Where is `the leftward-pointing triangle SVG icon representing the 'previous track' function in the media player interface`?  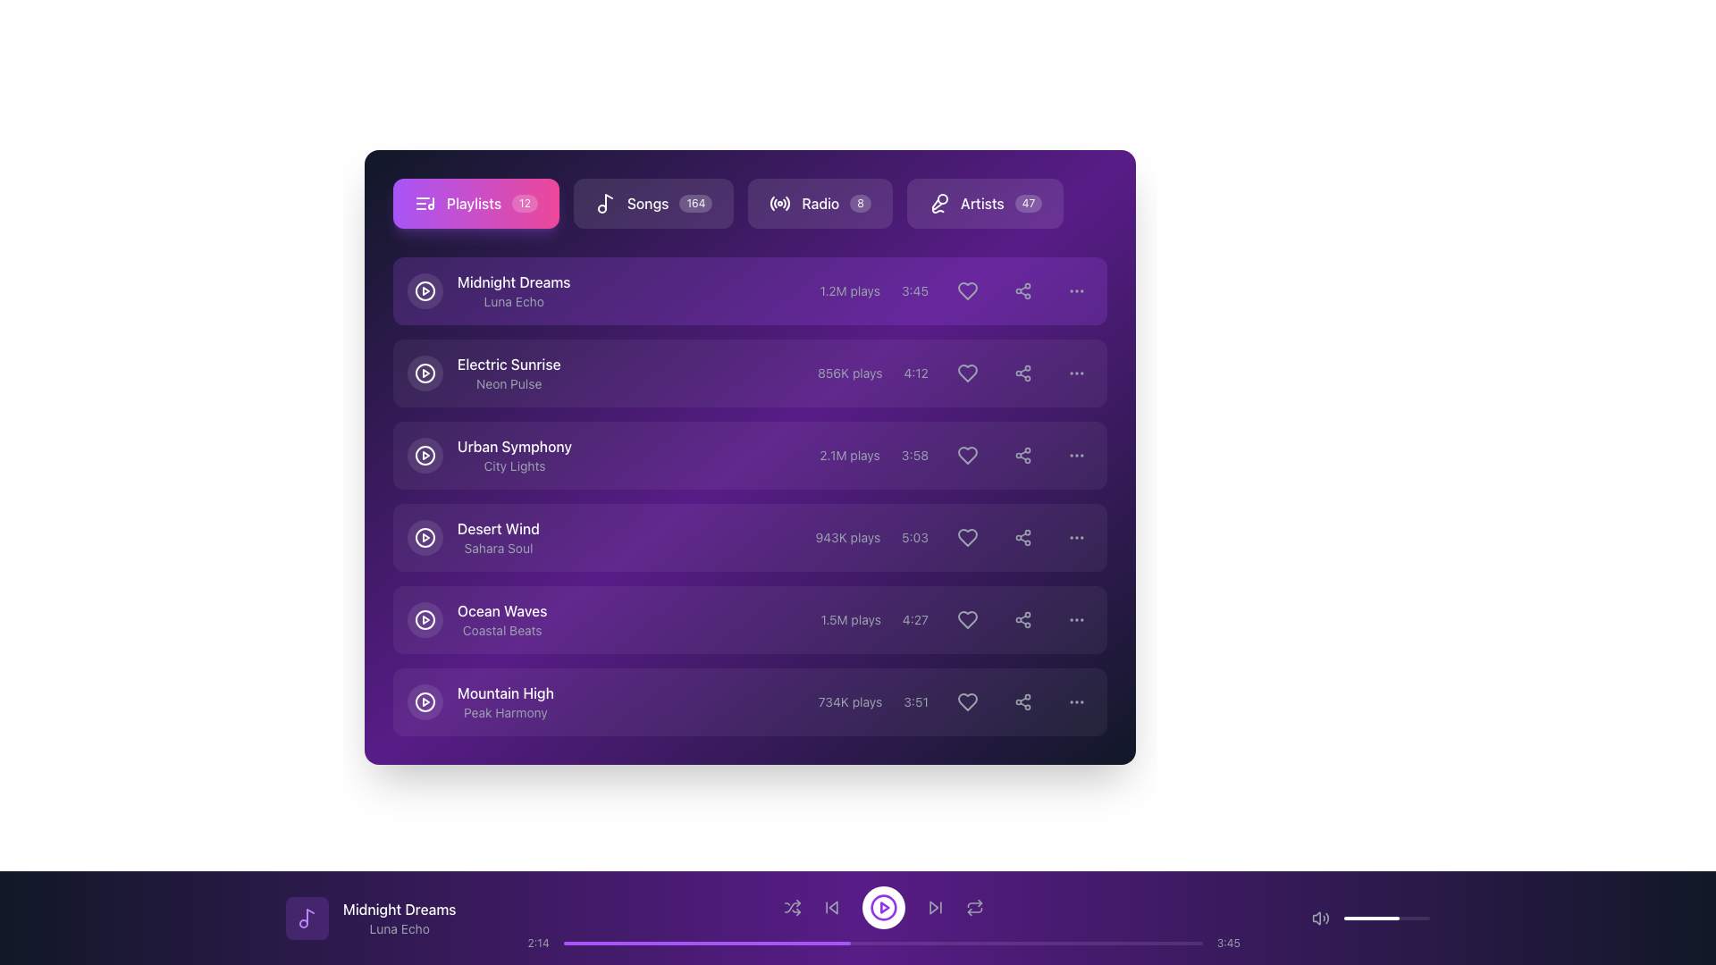 the leftward-pointing triangle SVG icon representing the 'previous track' function in the media player interface is located at coordinates (832, 907).